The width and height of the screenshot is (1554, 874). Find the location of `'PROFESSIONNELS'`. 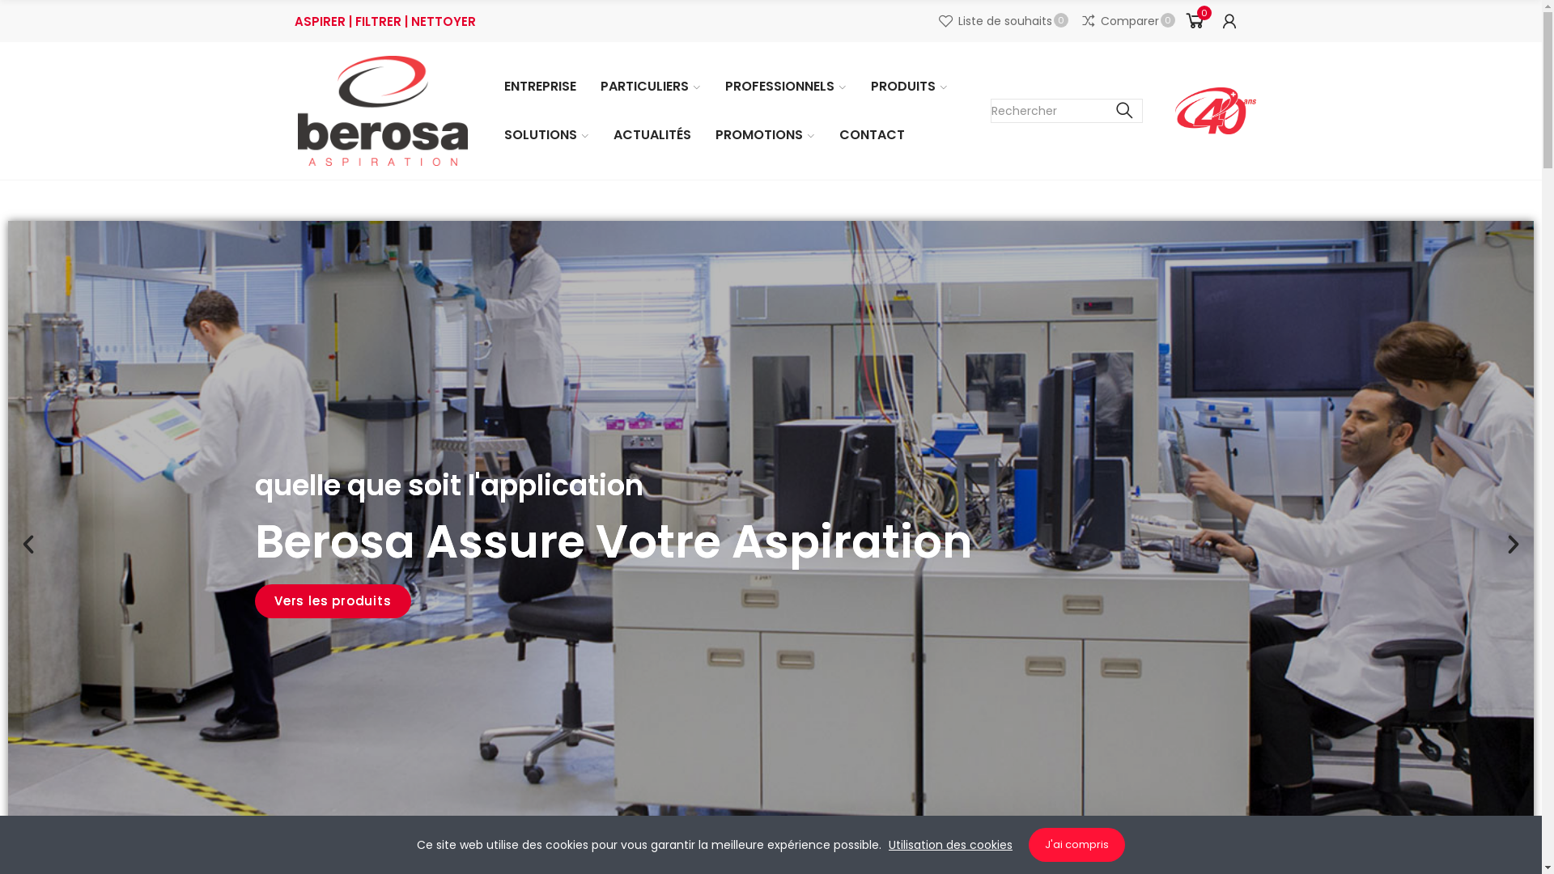

'PROFESSIONNELS' is located at coordinates (784, 87).